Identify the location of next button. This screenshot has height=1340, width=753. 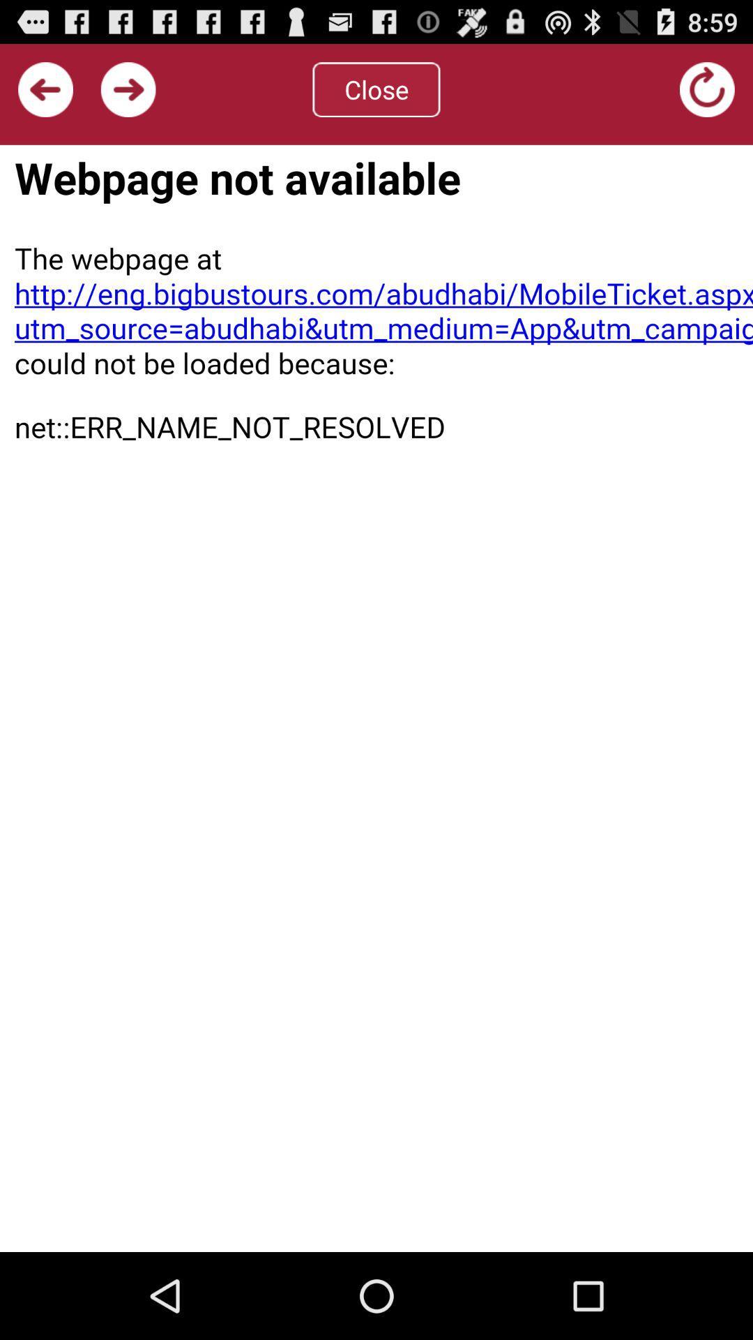
(128, 89).